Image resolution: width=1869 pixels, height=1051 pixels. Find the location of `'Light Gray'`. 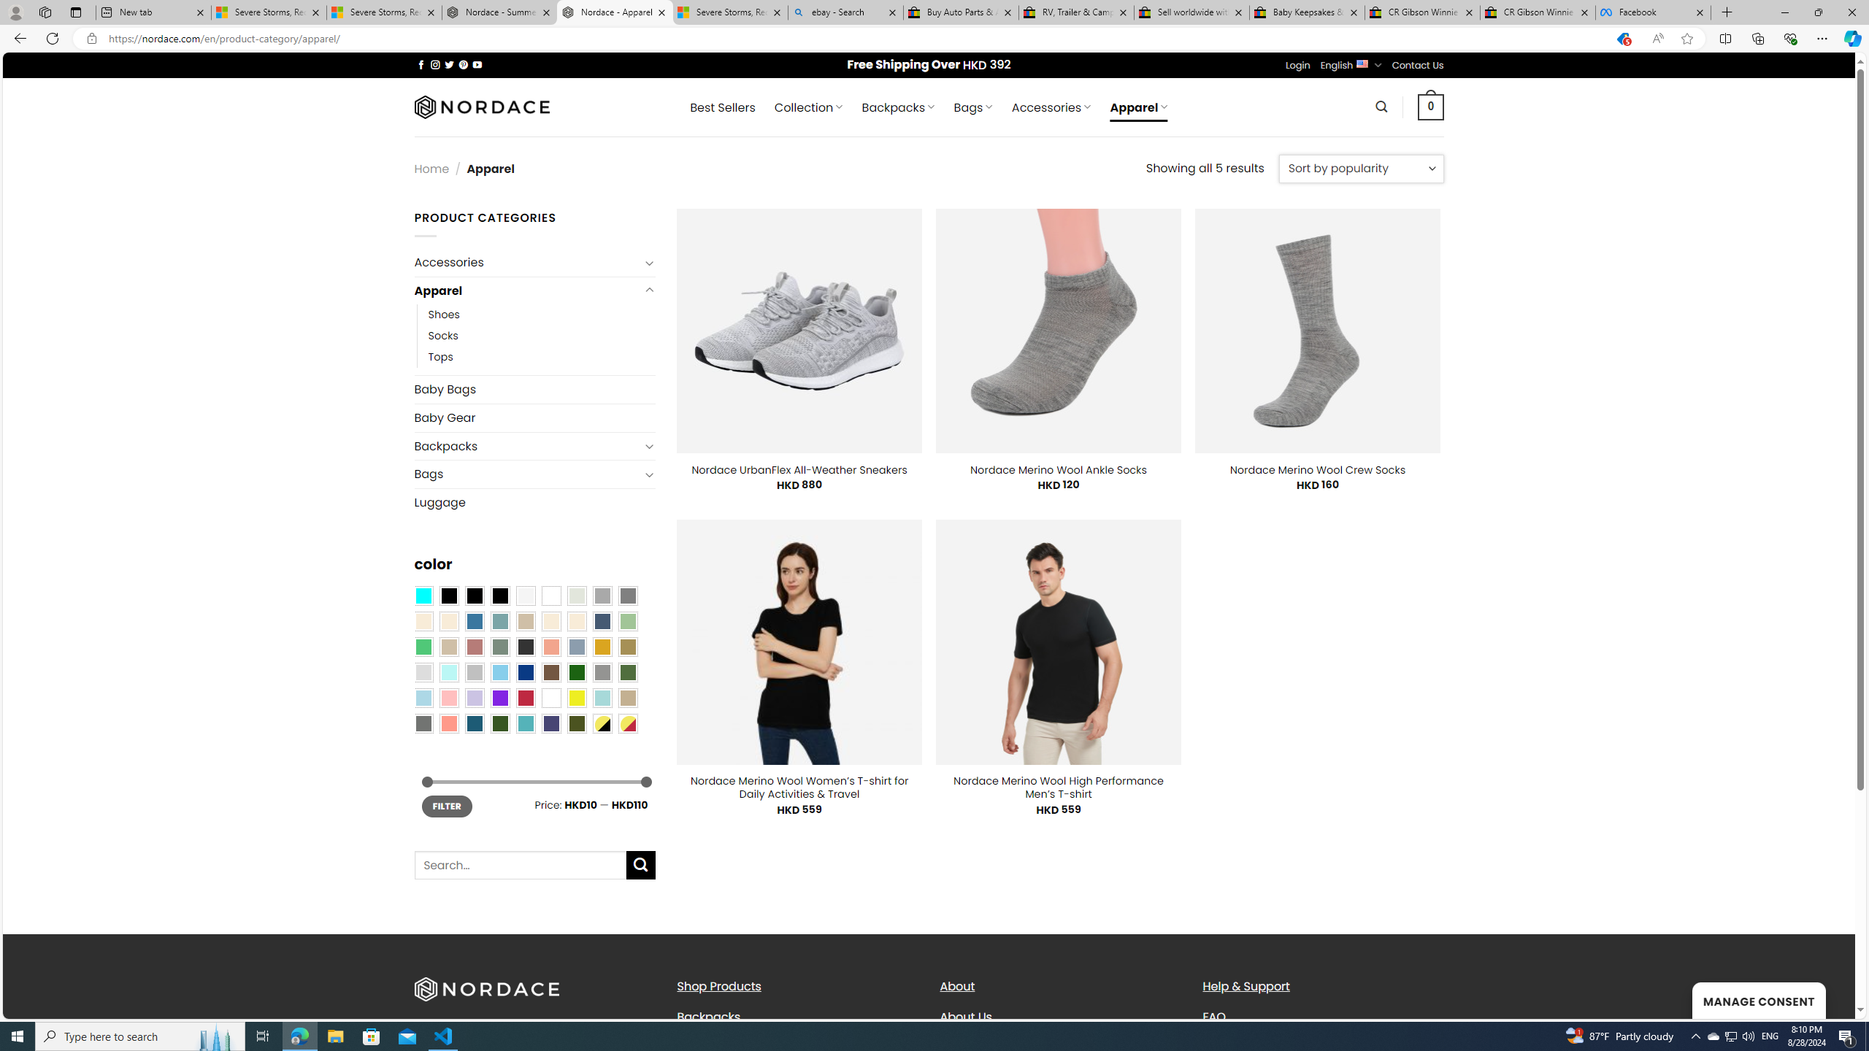

'Light Gray' is located at coordinates (422, 671).